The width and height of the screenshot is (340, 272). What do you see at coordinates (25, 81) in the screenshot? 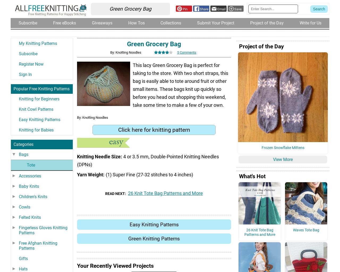
I see `'Sign In'` at bounding box center [25, 81].